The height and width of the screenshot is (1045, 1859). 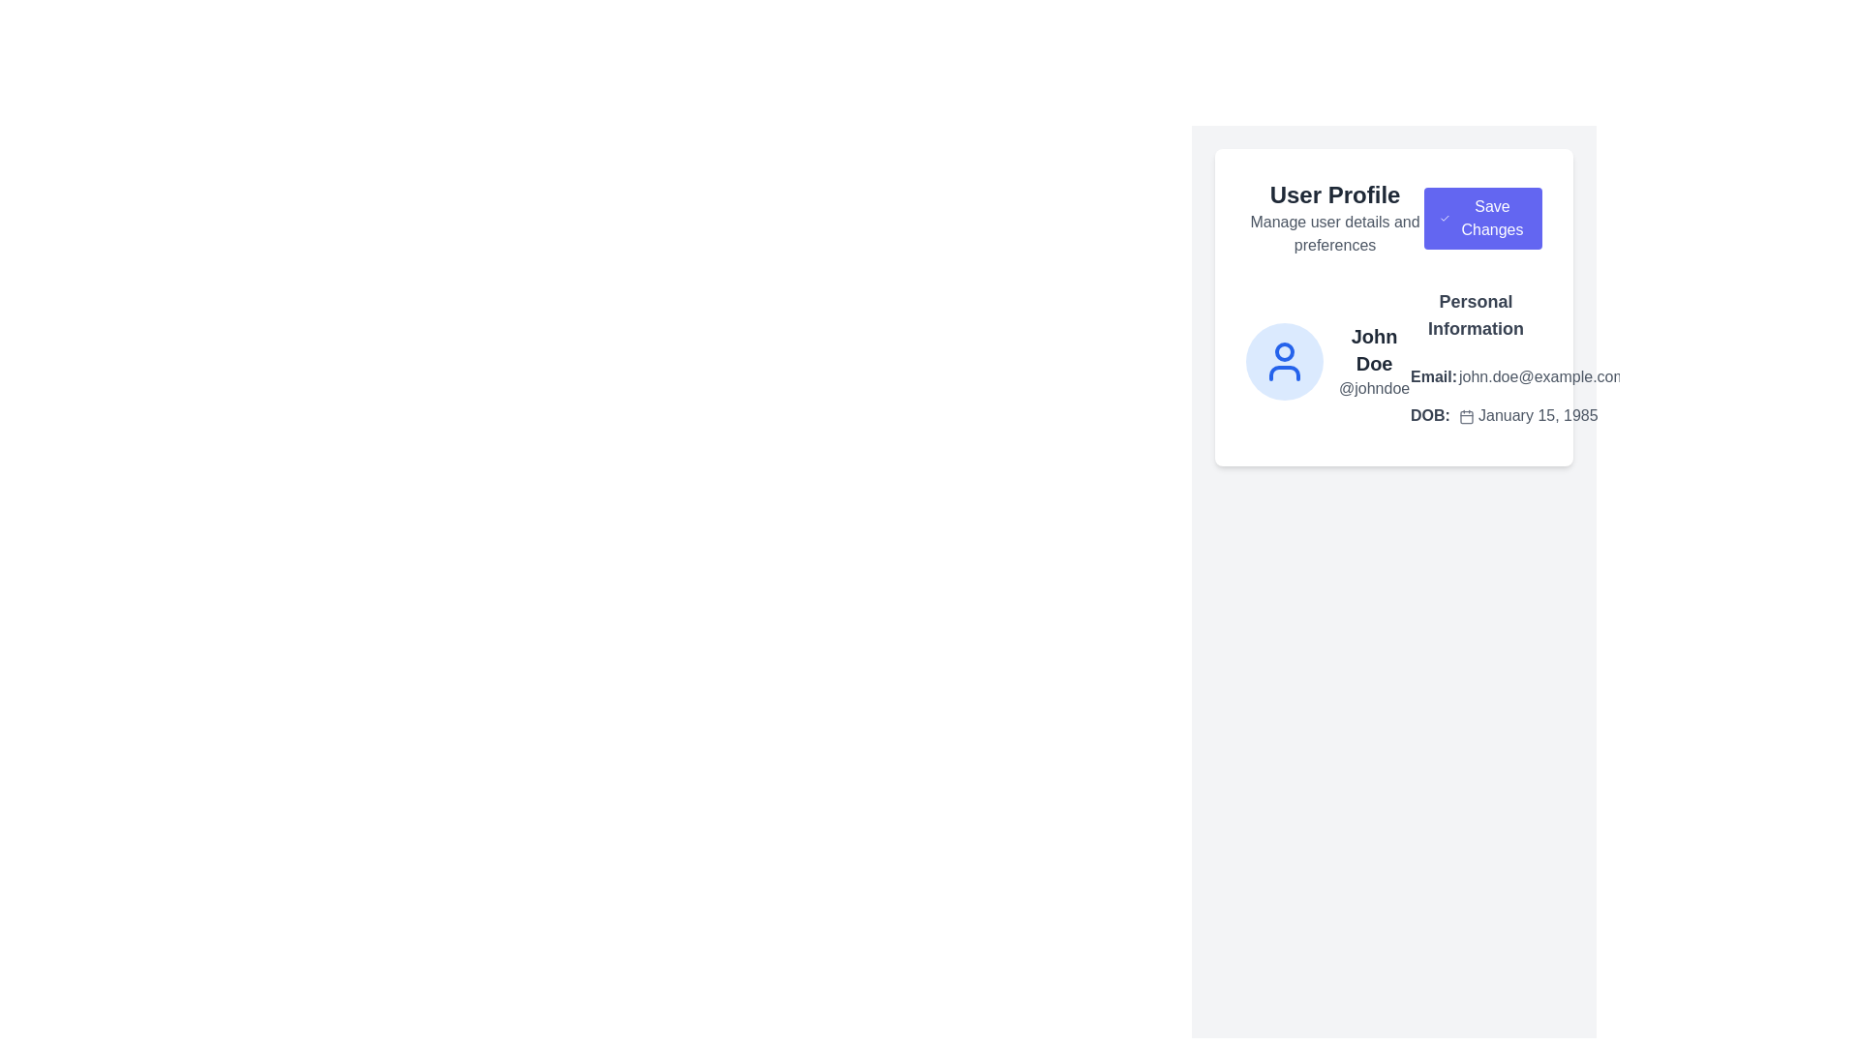 I want to click on the 'Email:' text label, which is a bold gray label located in the 'Personal Information' section of the user profile card, so click(x=1434, y=376).